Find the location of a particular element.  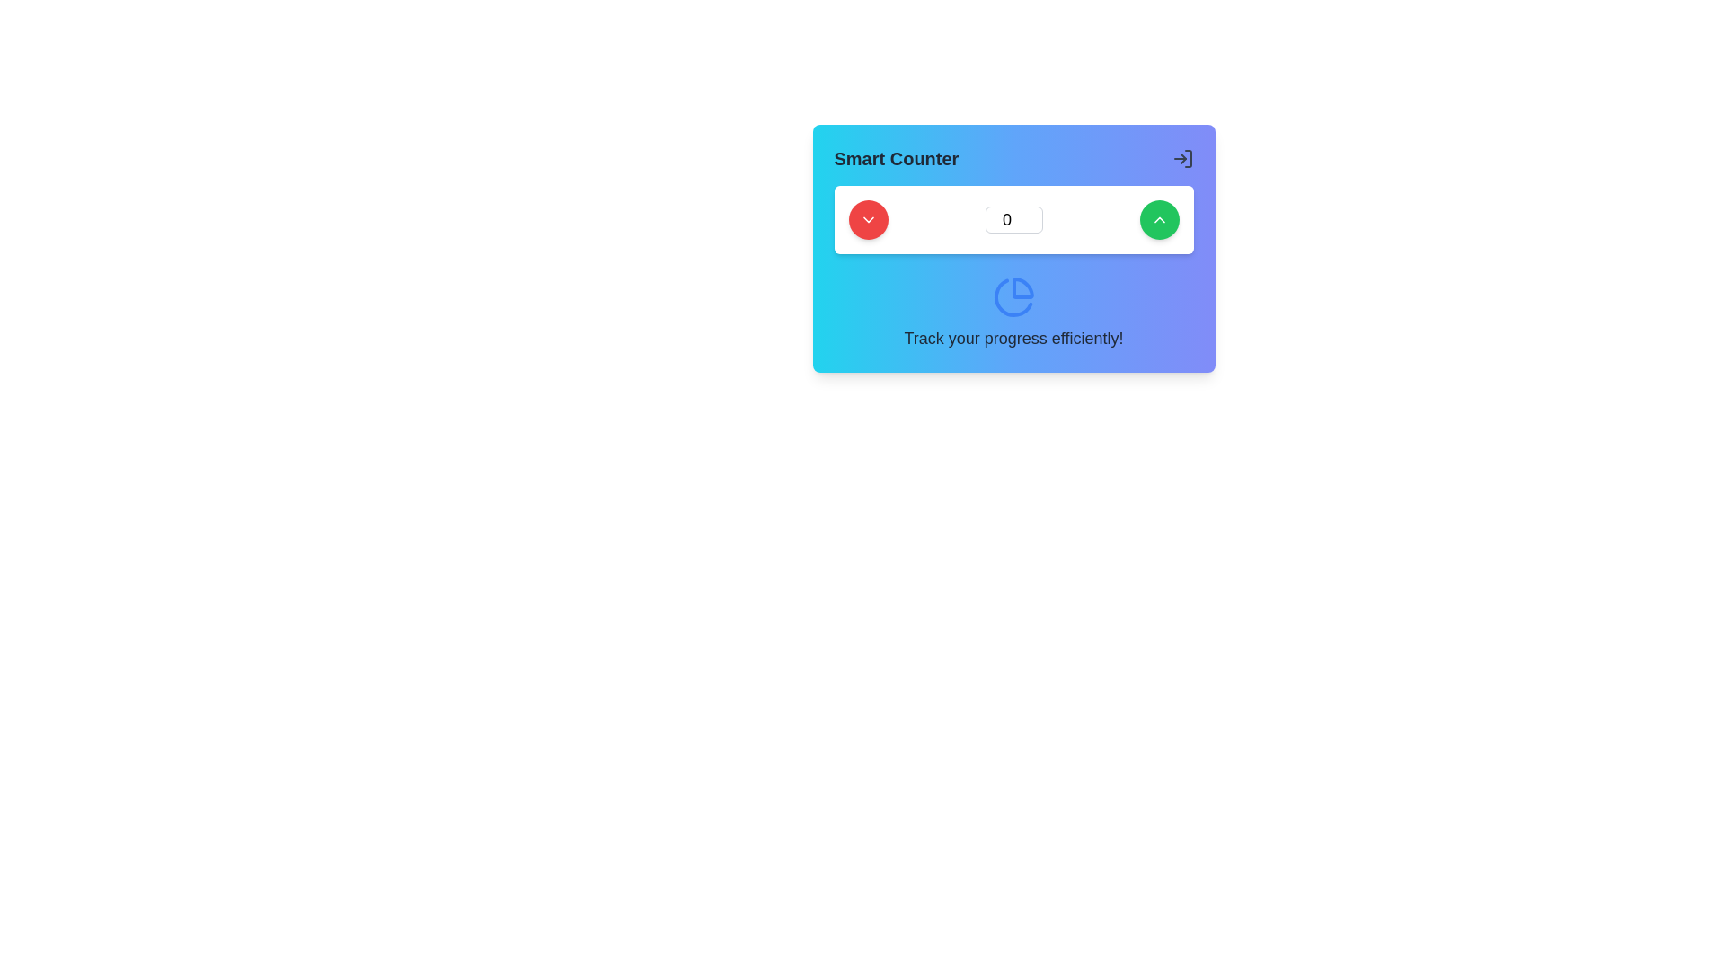

the downward-pointing arrow icon with a red circular background located on the left side of the interactive control bar under the 'Smart Counter' header is located at coordinates (868, 219).